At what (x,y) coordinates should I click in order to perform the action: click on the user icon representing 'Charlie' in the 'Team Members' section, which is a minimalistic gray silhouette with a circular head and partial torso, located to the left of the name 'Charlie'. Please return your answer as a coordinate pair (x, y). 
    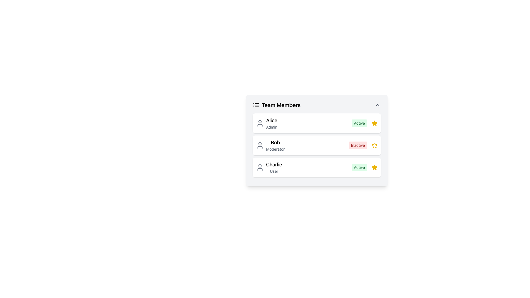
    Looking at the image, I should click on (259, 167).